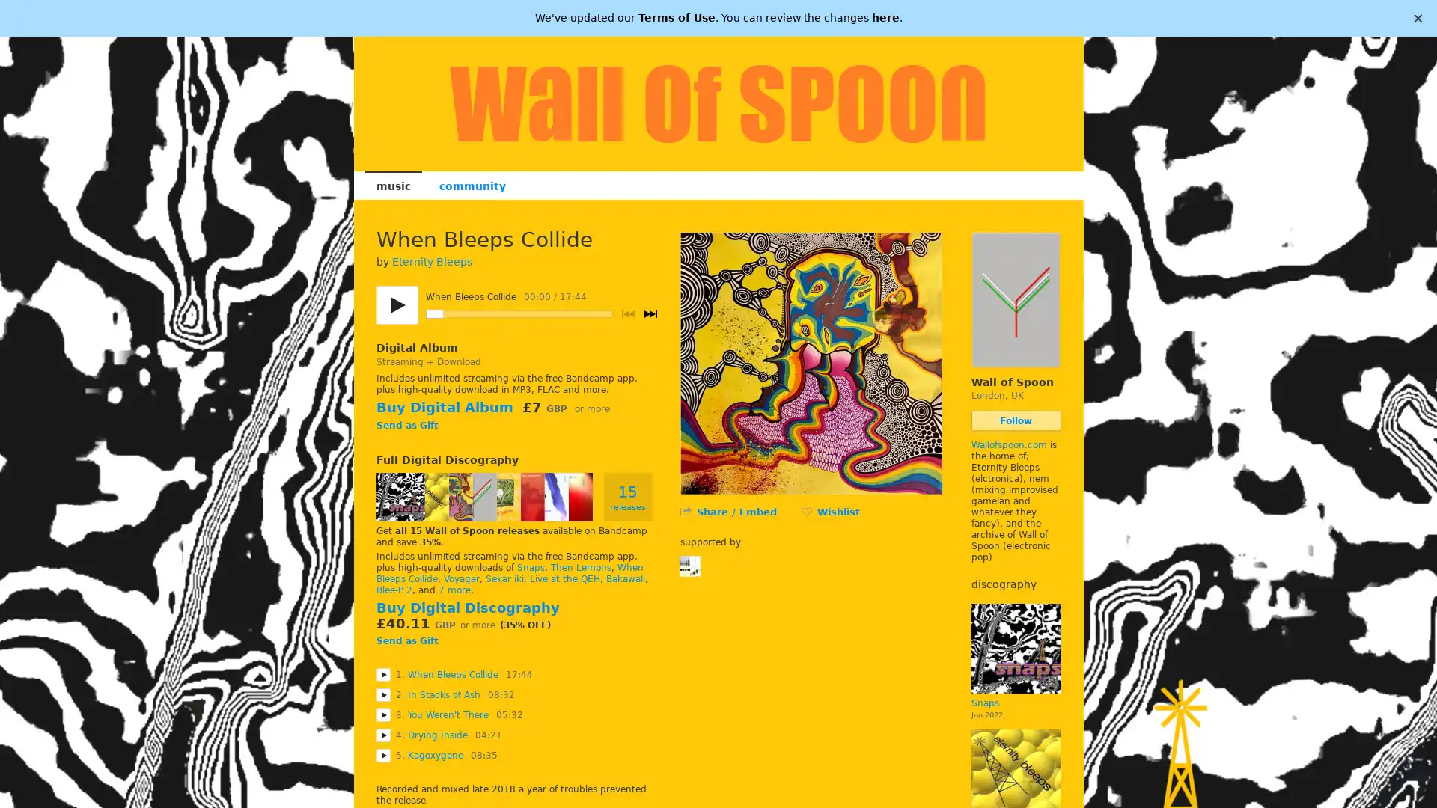 The image size is (1437, 808). Describe the element at coordinates (443, 407) in the screenshot. I see `Buy Digital Album` at that location.